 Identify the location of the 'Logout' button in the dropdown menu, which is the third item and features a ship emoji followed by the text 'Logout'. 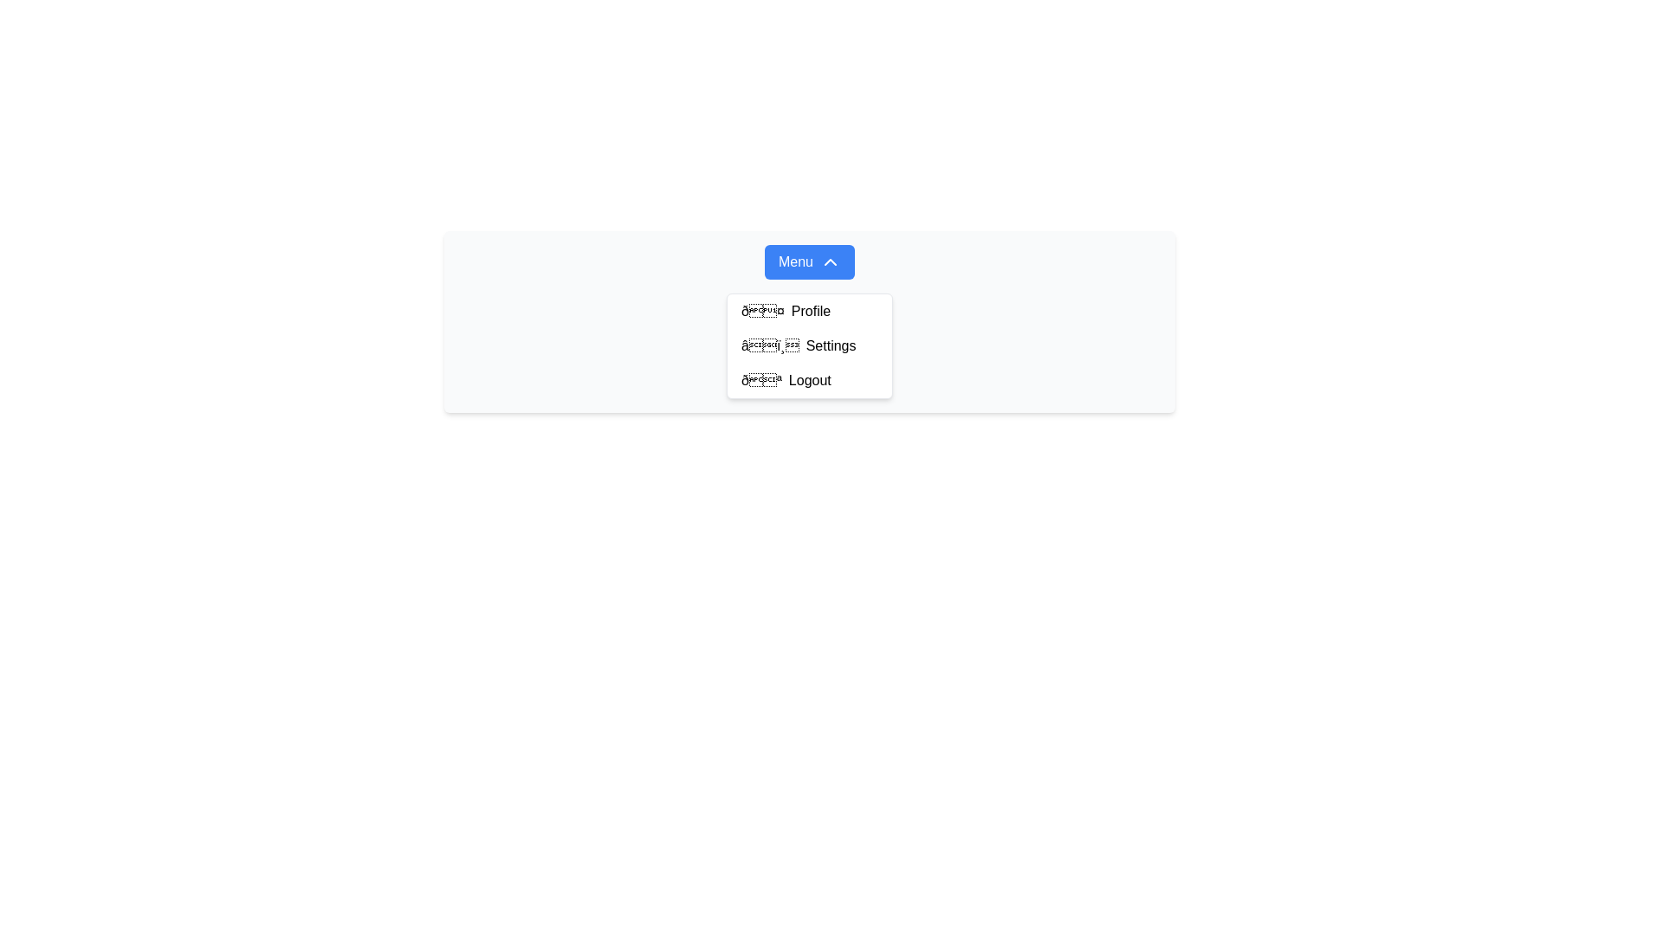
(809, 379).